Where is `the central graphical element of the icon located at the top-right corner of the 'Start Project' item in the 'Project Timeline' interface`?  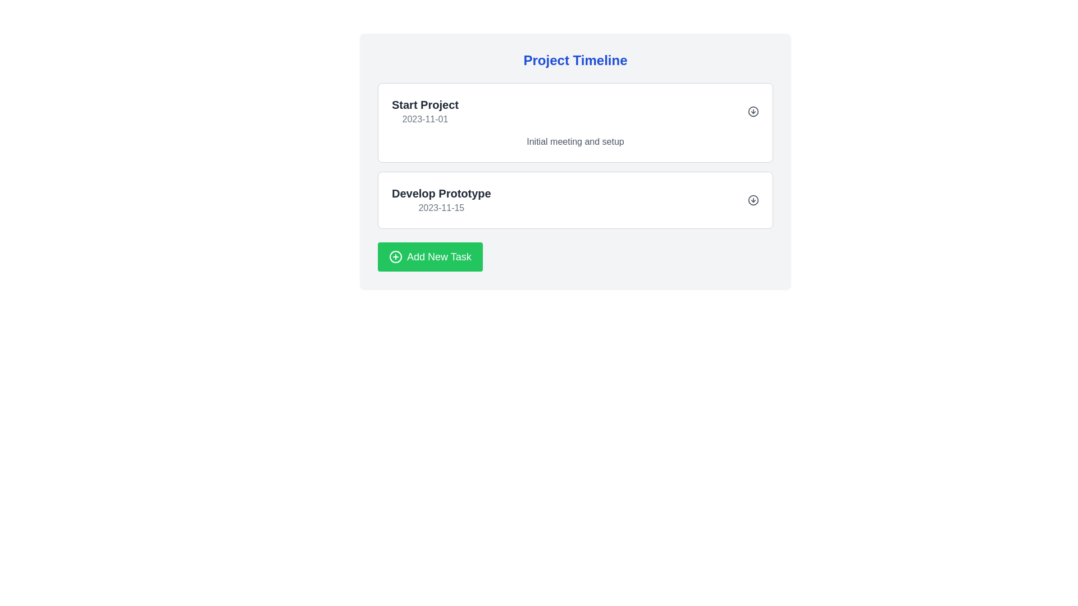 the central graphical element of the icon located at the top-right corner of the 'Start Project' item in the 'Project Timeline' interface is located at coordinates (753, 112).